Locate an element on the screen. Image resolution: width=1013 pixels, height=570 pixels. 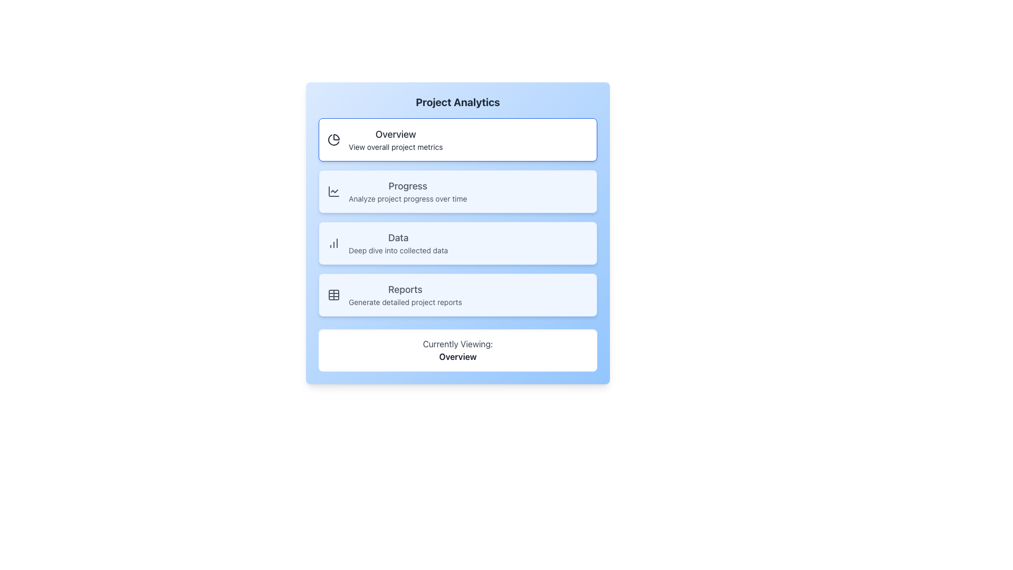
the 'Reports' menu item with subtext in the Project Analytics interface is located at coordinates (405, 295).